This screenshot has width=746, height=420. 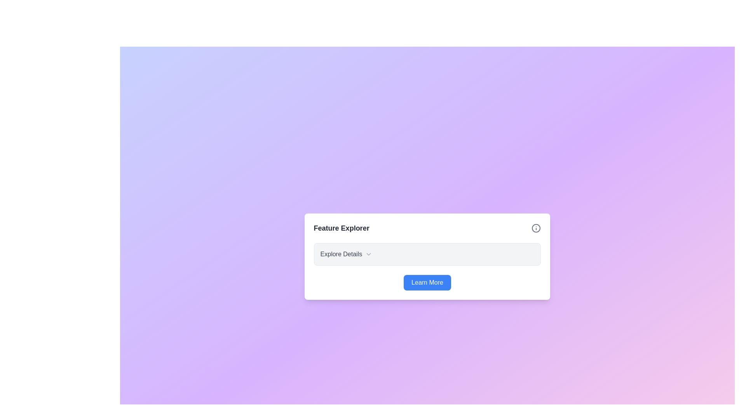 What do you see at coordinates (342, 227) in the screenshot?
I see `the title text located at the top of the card, which serves as a descriptive label for the card's content, for copying` at bounding box center [342, 227].